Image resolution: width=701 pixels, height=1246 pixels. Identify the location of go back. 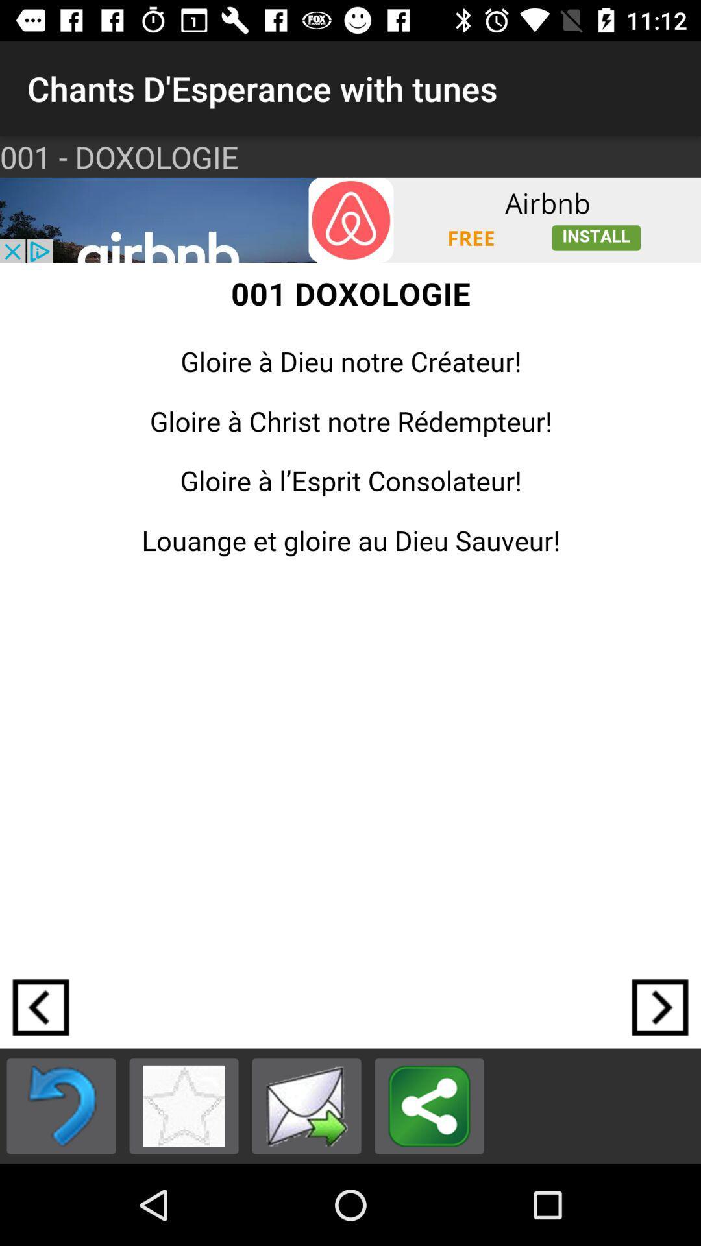
(61, 1105).